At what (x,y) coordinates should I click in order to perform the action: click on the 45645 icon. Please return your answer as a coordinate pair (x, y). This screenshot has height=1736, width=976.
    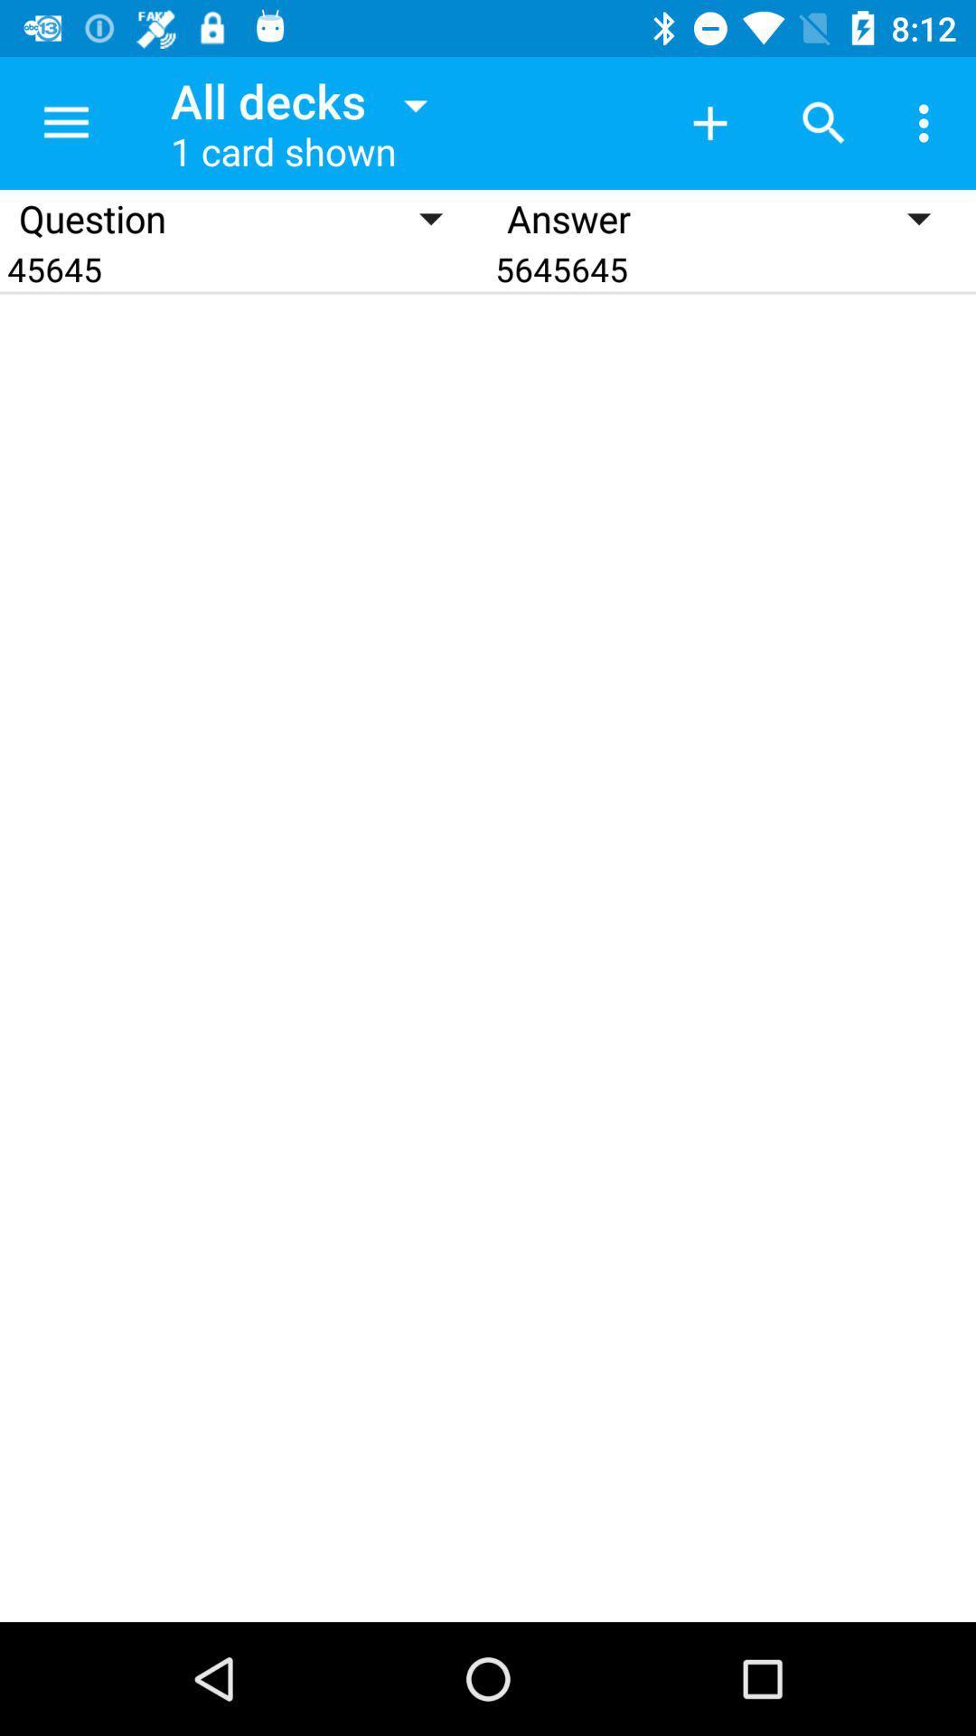
    Looking at the image, I should click on (244, 268).